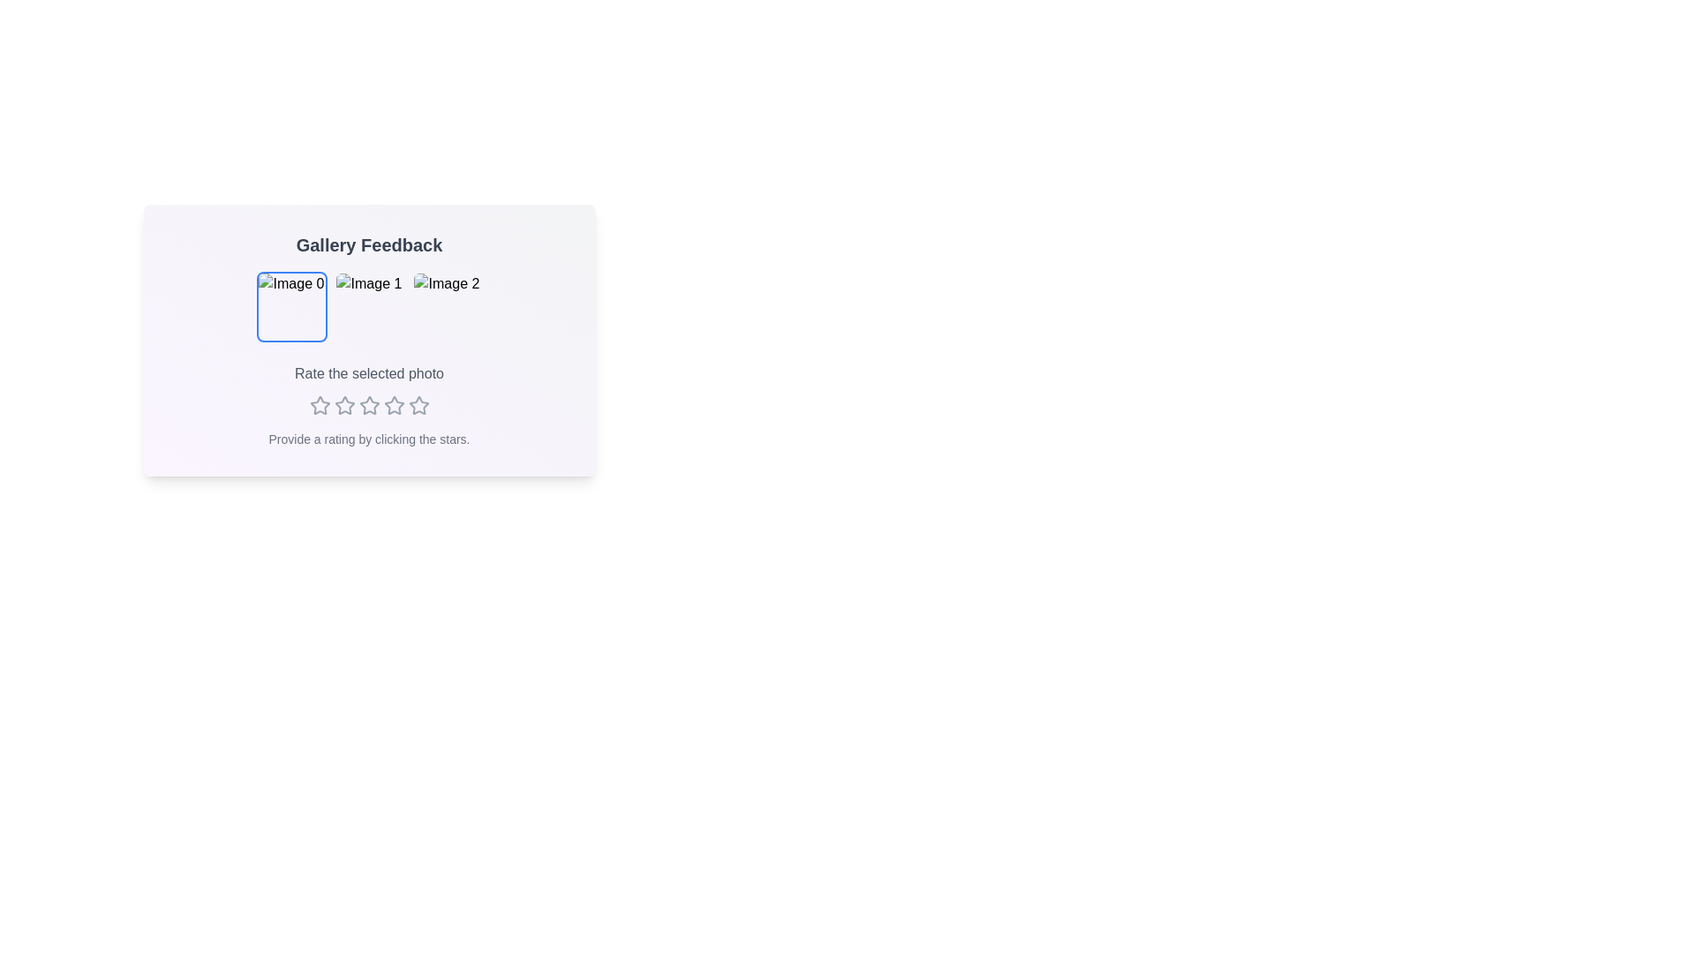 Image resolution: width=1695 pixels, height=953 pixels. What do you see at coordinates (447, 305) in the screenshot?
I see `the third selectable image option in a sequence of three images for preview purposes` at bounding box center [447, 305].